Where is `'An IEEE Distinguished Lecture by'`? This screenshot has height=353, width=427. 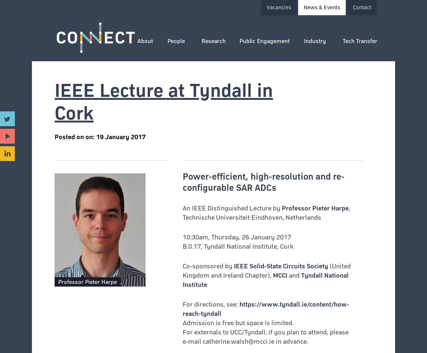 'An IEEE Distinguished Lecture by' is located at coordinates (231, 207).